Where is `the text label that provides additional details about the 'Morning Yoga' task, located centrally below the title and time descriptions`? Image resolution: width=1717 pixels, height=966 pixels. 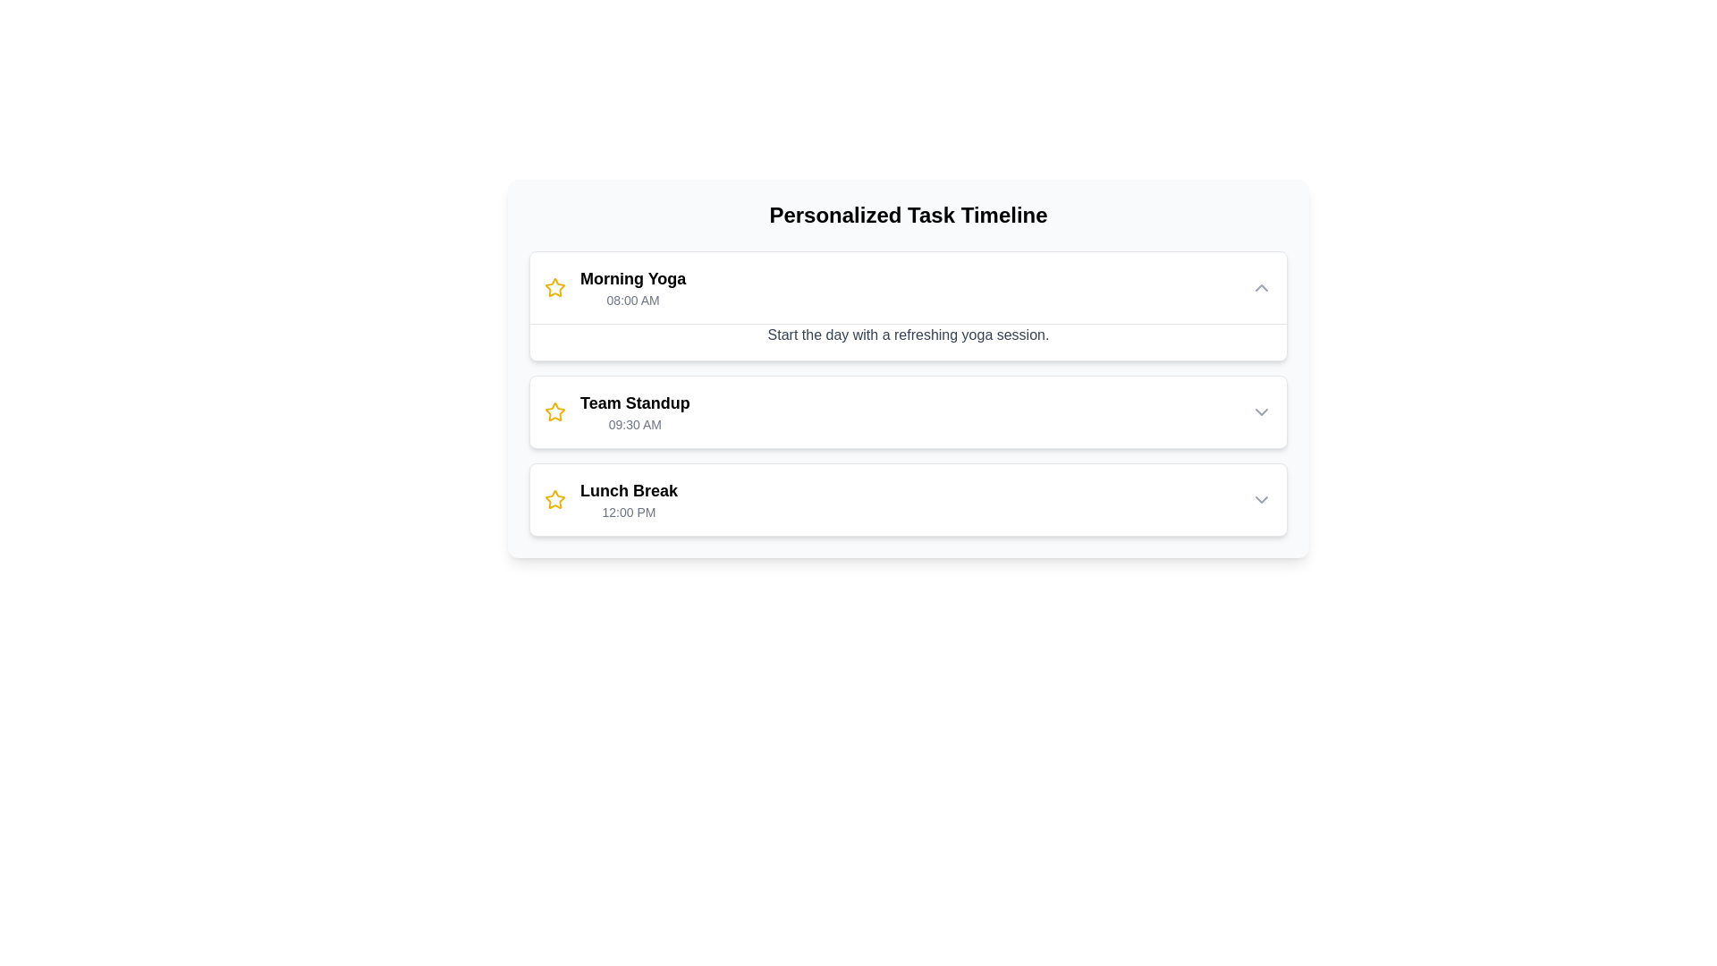 the text label that provides additional details about the 'Morning Yoga' task, located centrally below the title and time descriptions is located at coordinates (909, 342).